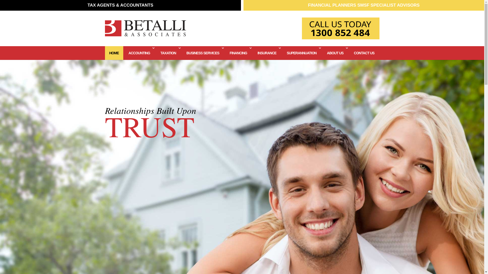  I want to click on 'CONTACT US', so click(349, 53).